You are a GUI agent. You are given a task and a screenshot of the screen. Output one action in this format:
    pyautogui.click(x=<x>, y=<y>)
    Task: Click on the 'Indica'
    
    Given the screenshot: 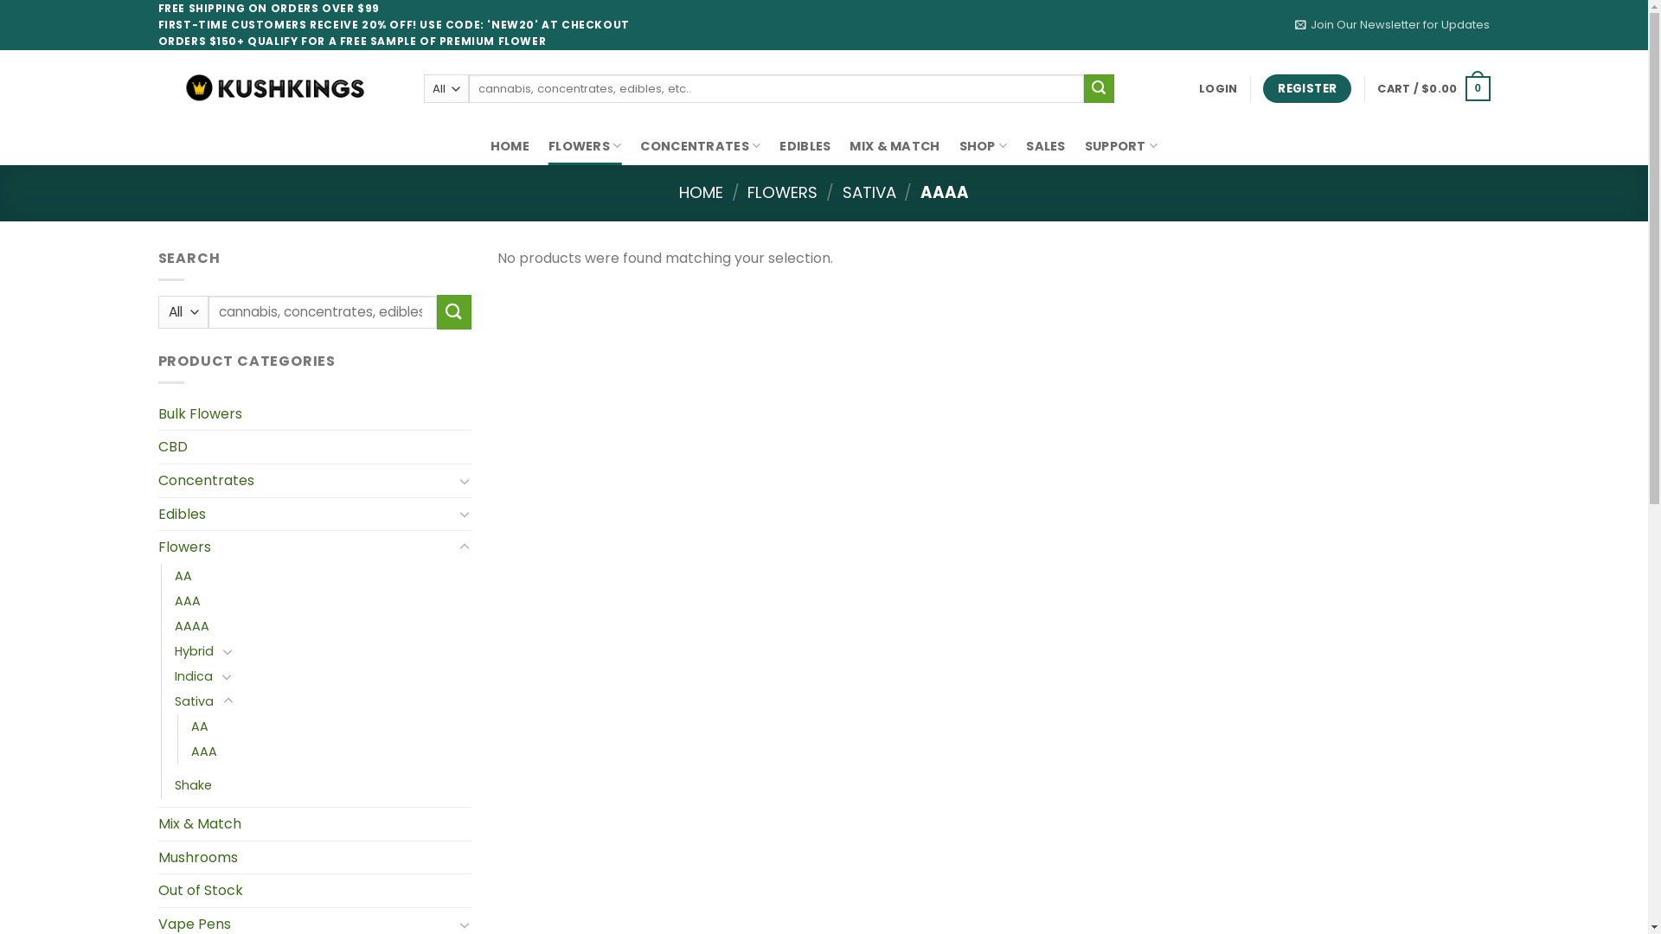 What is the action you would take?
    pyautogui.click(x=194, y=675)
    